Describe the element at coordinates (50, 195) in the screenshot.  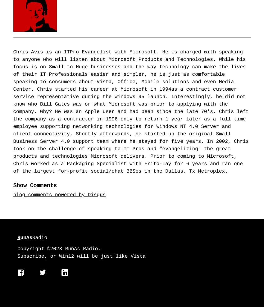
I see `'blog comments powered by'` at that location.